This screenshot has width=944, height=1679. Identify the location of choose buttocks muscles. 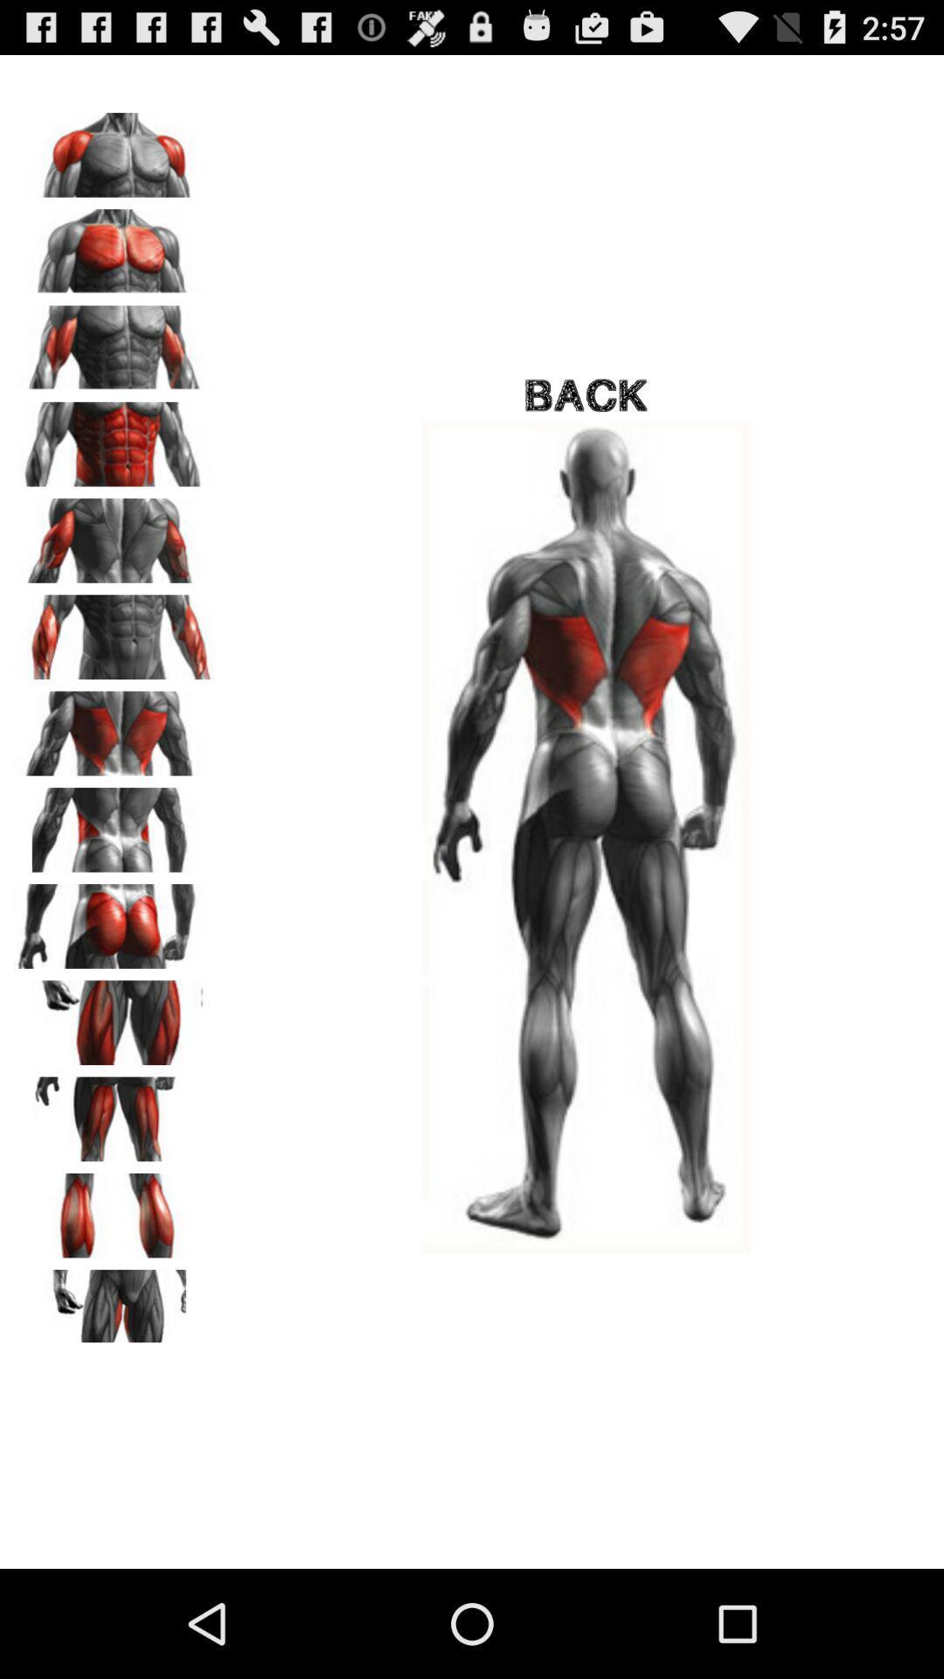
(115, 919).